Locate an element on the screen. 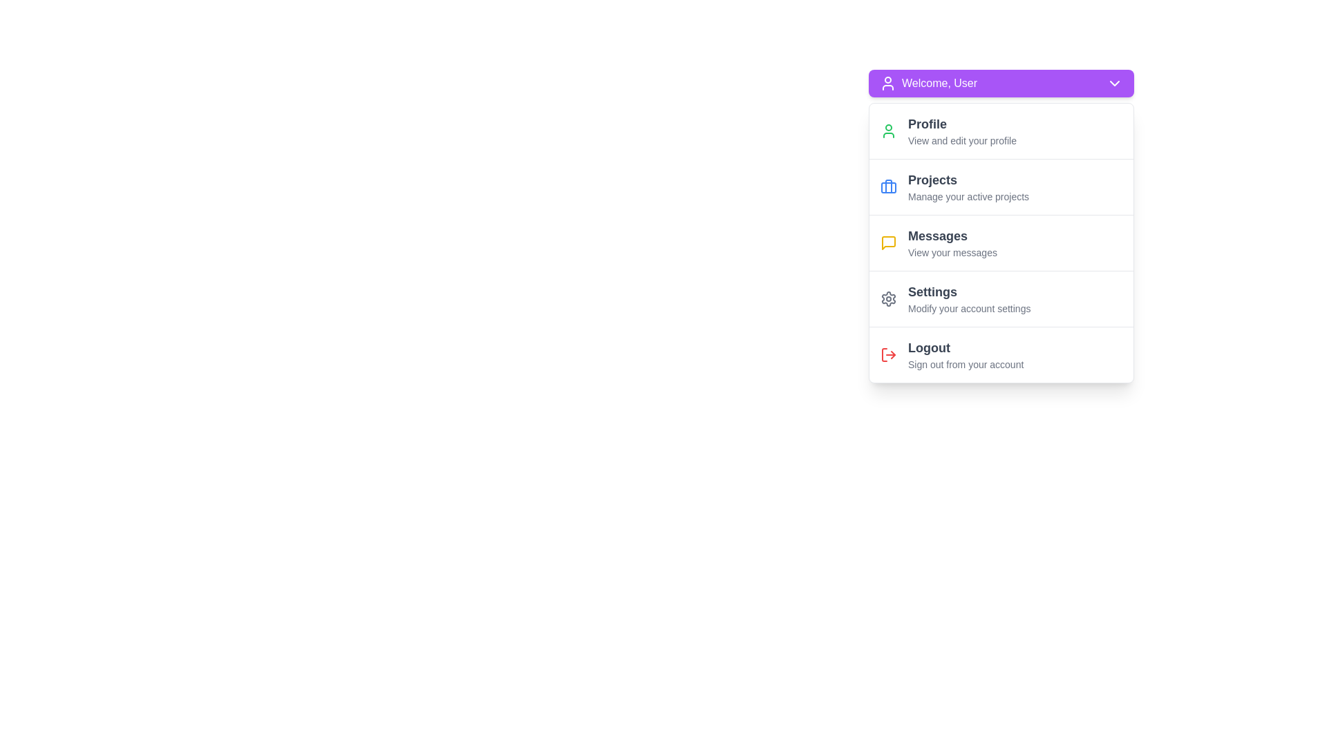  the 'Logout' button at the bottom of the dropdown menu is located at coordinates (1001, 354).